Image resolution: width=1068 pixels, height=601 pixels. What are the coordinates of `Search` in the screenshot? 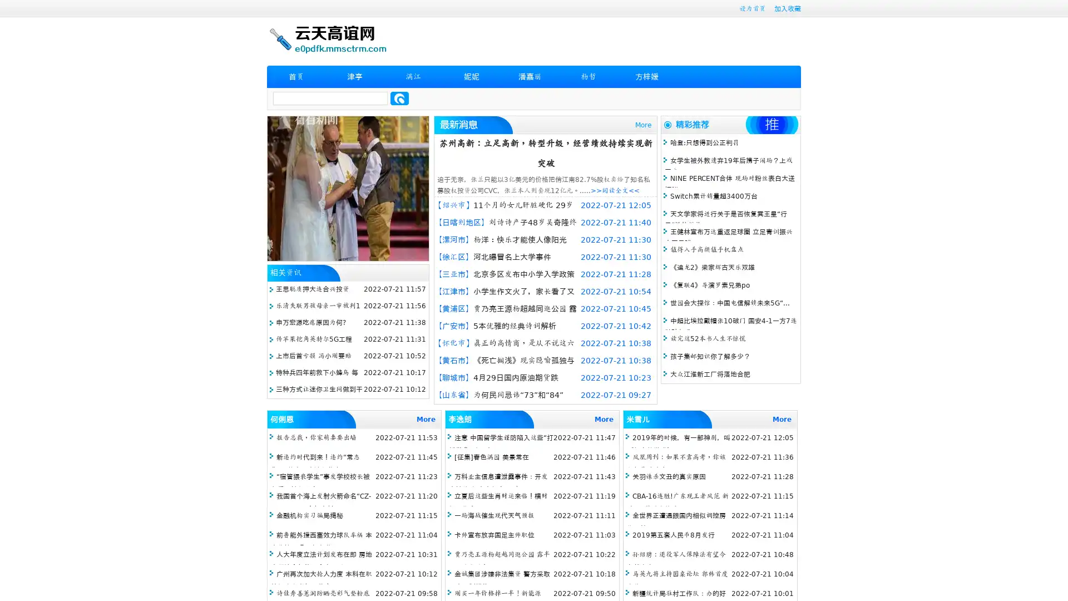 It's located at (399, 98).